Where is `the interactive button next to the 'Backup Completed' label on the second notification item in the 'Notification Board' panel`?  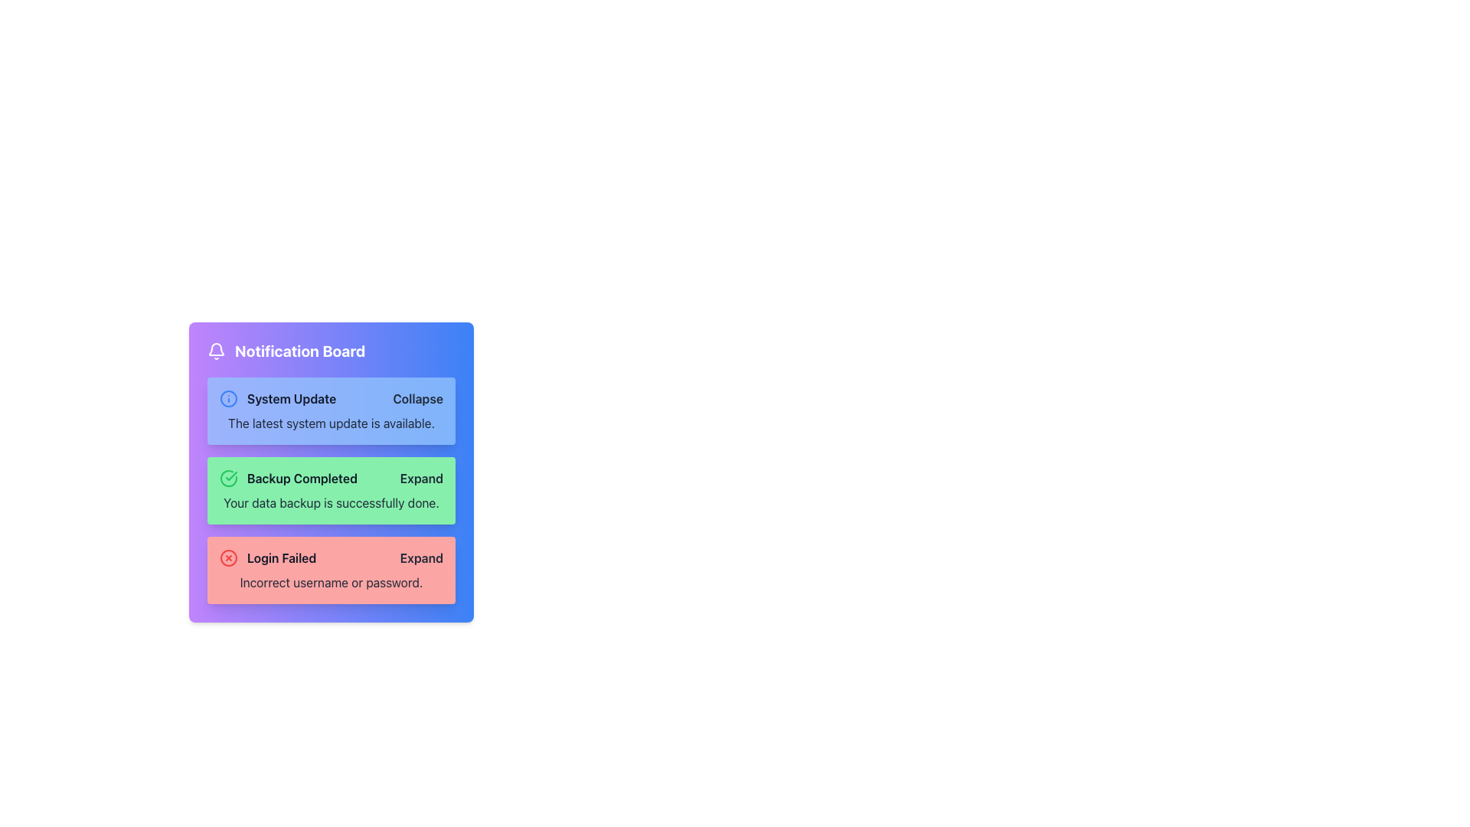
the interactive button next to the 'Backup Completed' label on the second notification item in the 'Notification Board' panel is located at coordinates (421, 477).